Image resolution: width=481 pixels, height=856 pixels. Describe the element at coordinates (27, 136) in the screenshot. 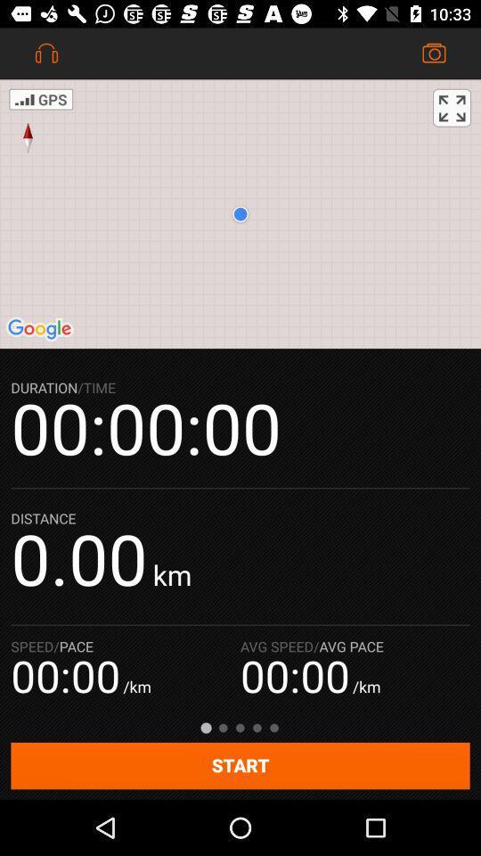

I see `the explore icon` at that location.